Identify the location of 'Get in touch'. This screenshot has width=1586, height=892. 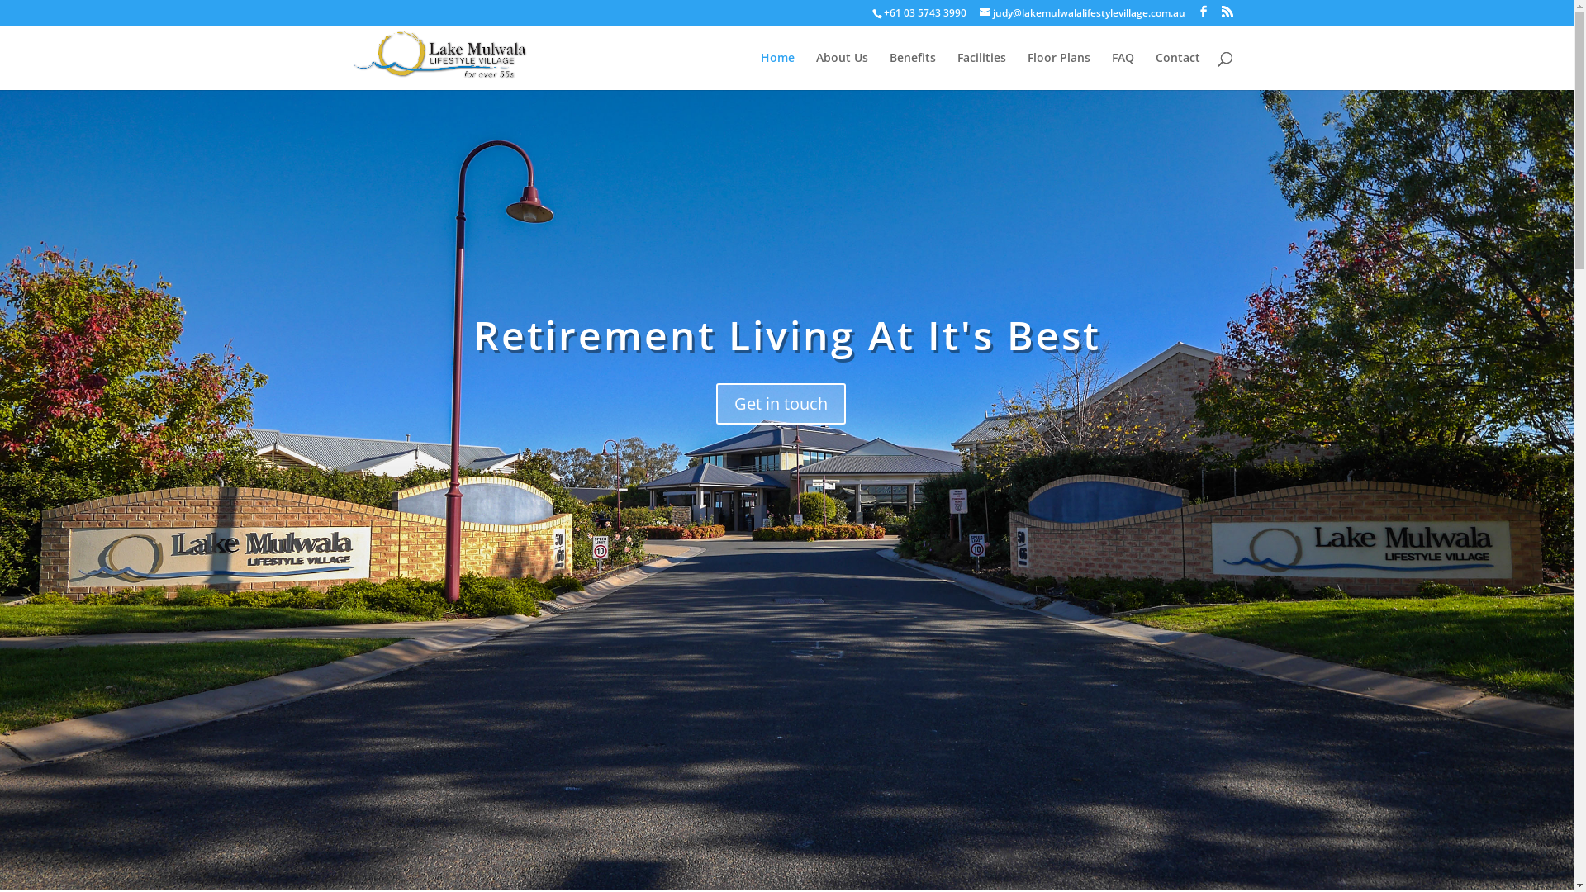
(779, 404).